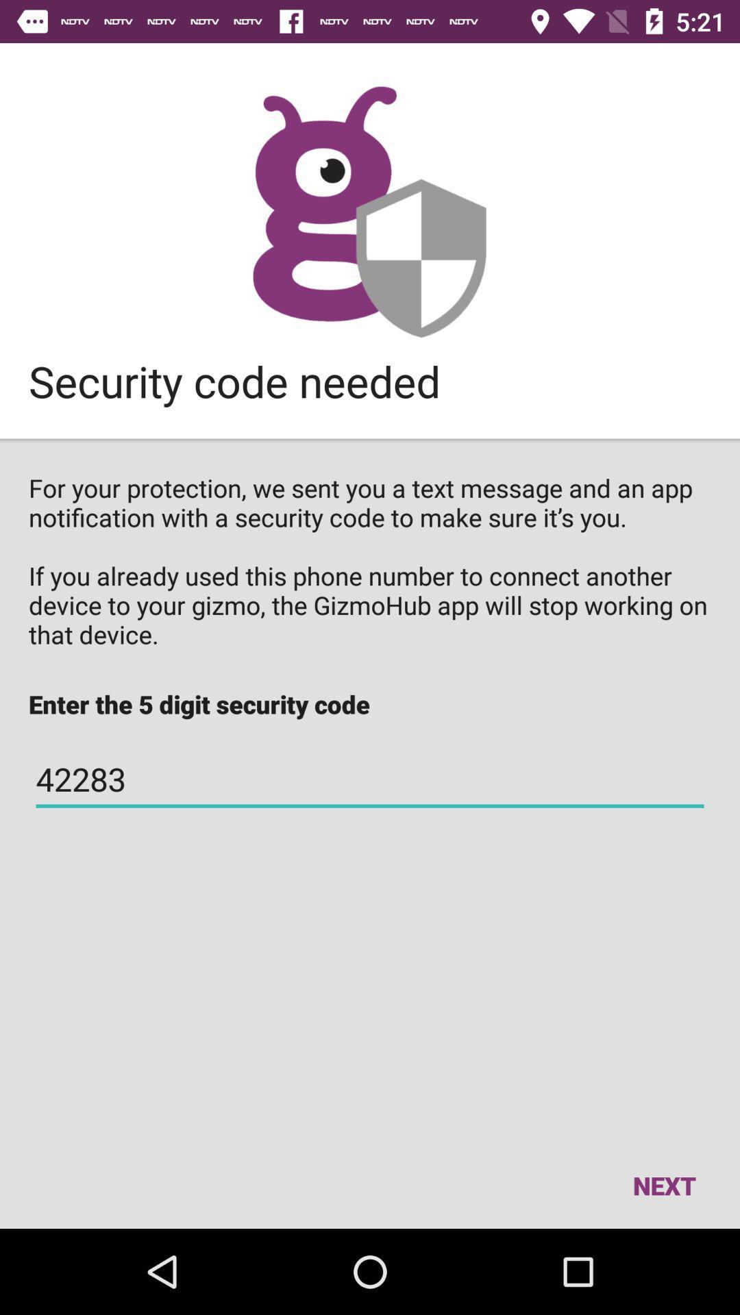 This screenshot has height=1315, width=740. I want to click on next icon, so click(663, 1185).